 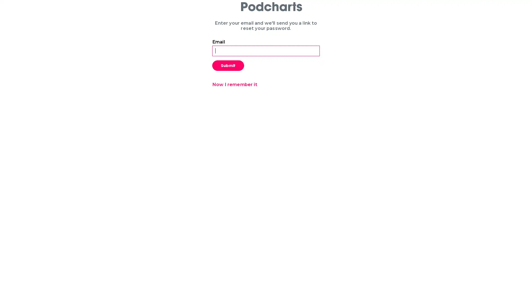 What do you see at coordinates (228, 65) in the screenshot?
I see `Submit` at bounding box center [228, 65].